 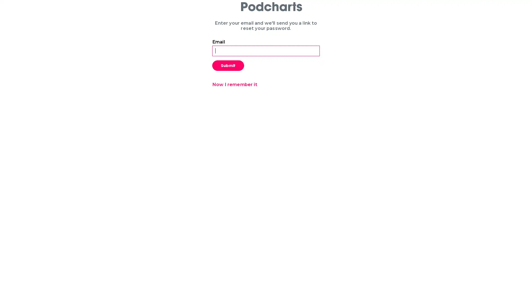 What do you see at coordinates (228, 65) in the screenshot?
I see `Submit` at bounding box center [228, 65].